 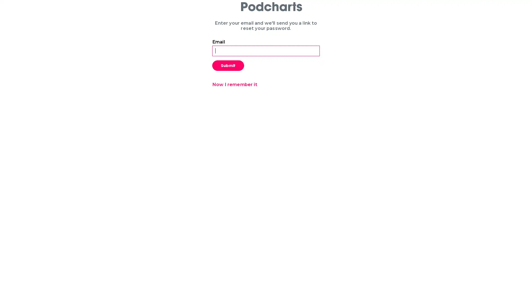 What do you see at coordinates (228, 65) in the screenshot?
I see `Submit` at bounding box center [228, 65].